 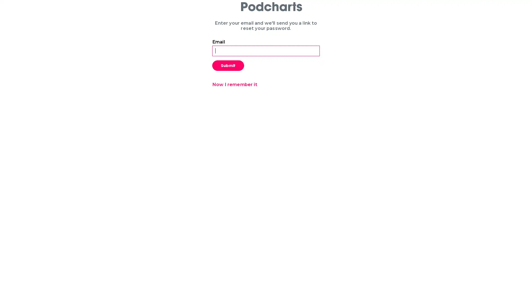 What do you see at coordinates (228, 65) in the screenshot?
I see `Submit` at bounding box center [228, 65].